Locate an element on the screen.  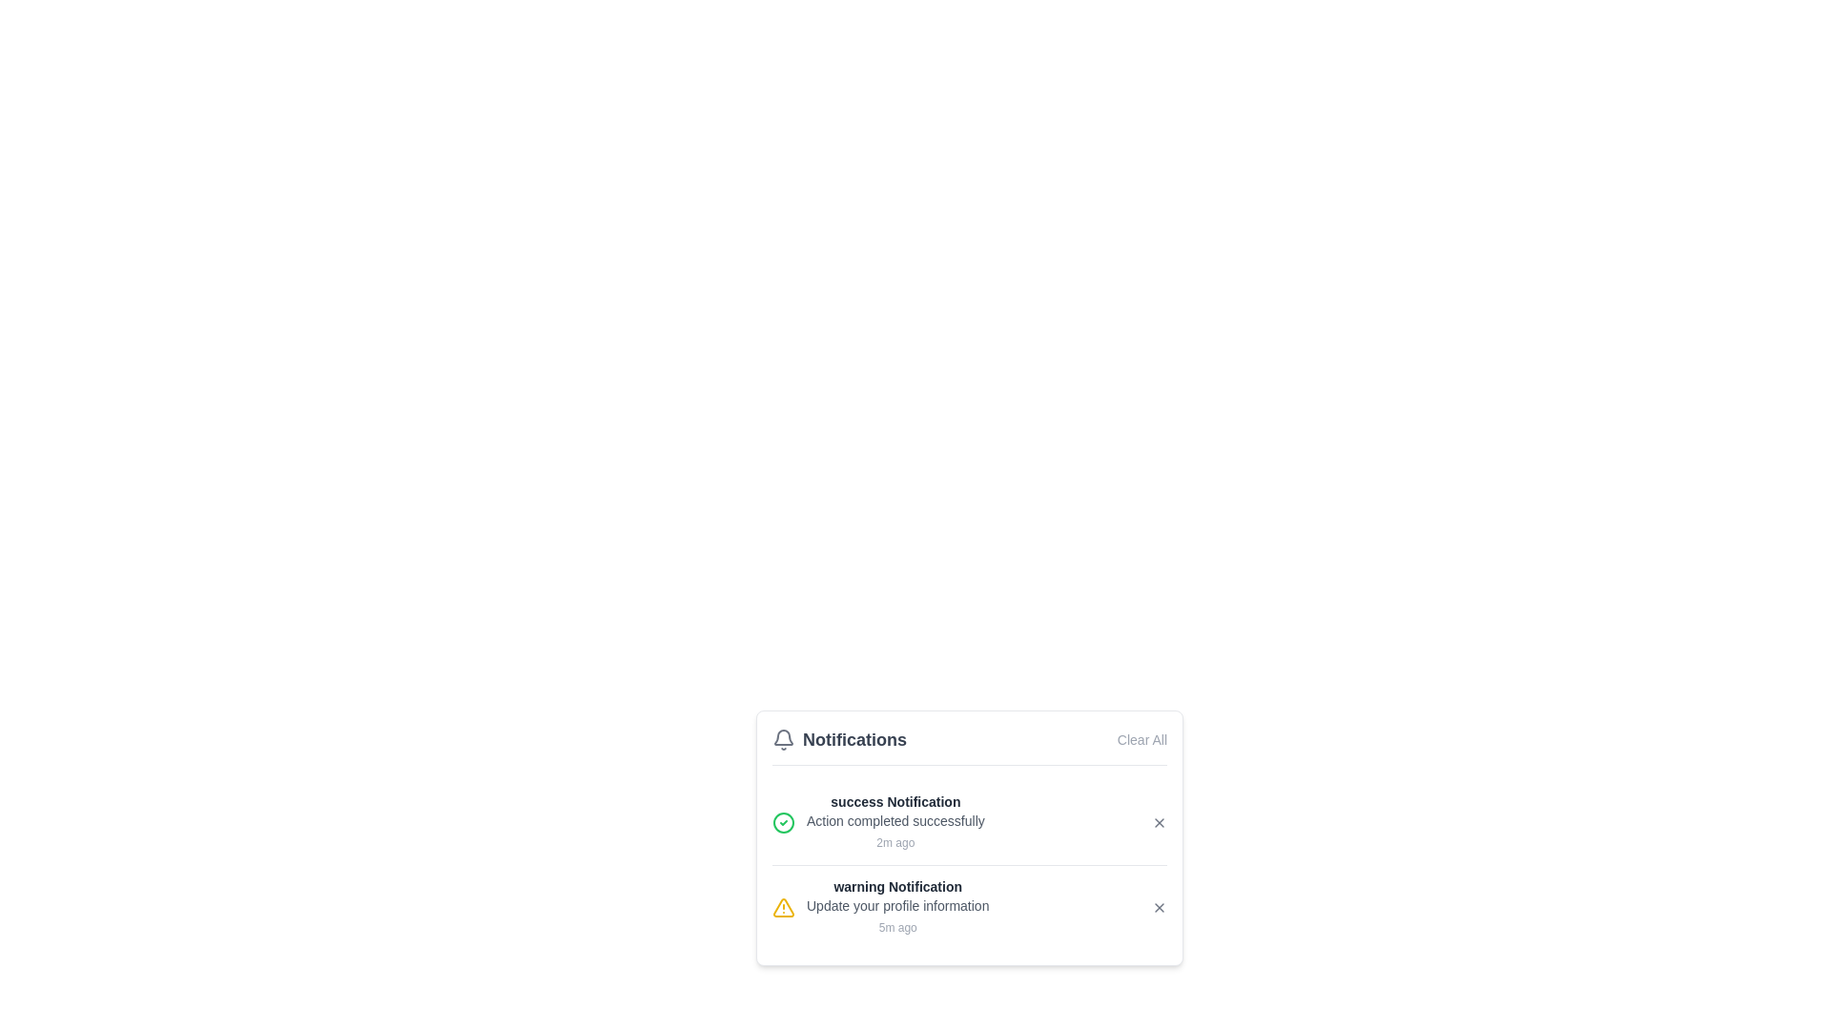
the Timestamp label located at the bottom-right corner of the notification displaying the warning message 'Update your profile information.' is located at coordinates (896, 926).